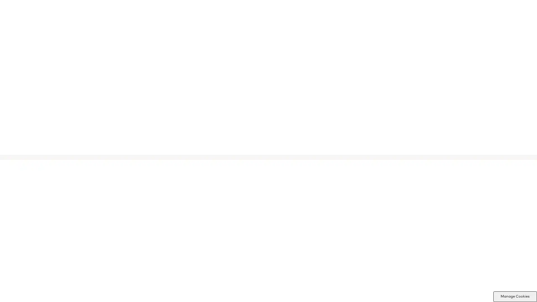 This screenshot has width=537, height=302. Describe the element at coordinates (292, 192) in the screenshot. I see `Accept cookies` at that location.